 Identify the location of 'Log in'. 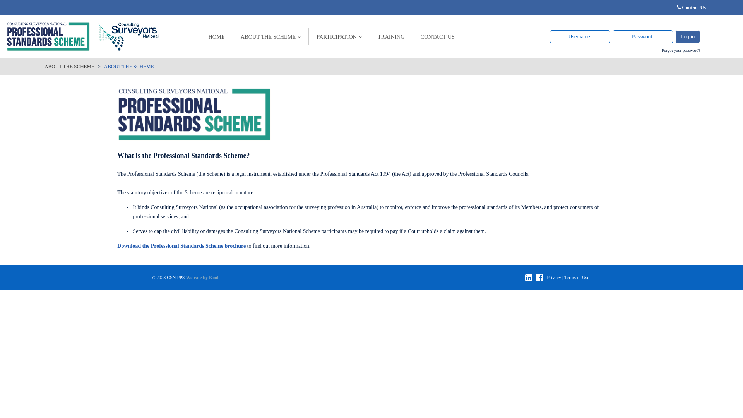
(687, 37).